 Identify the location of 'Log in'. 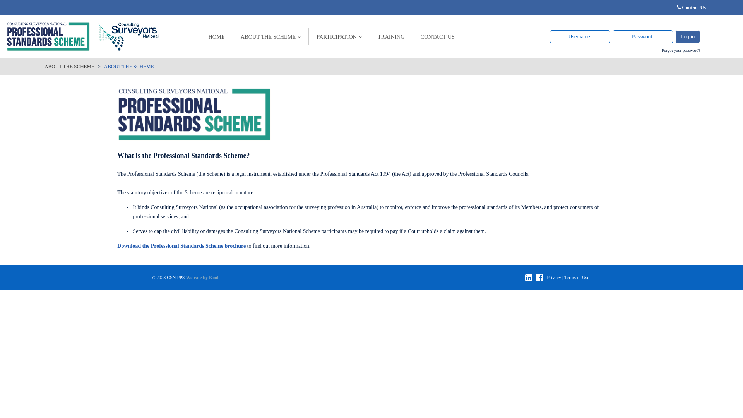
(687, 37).